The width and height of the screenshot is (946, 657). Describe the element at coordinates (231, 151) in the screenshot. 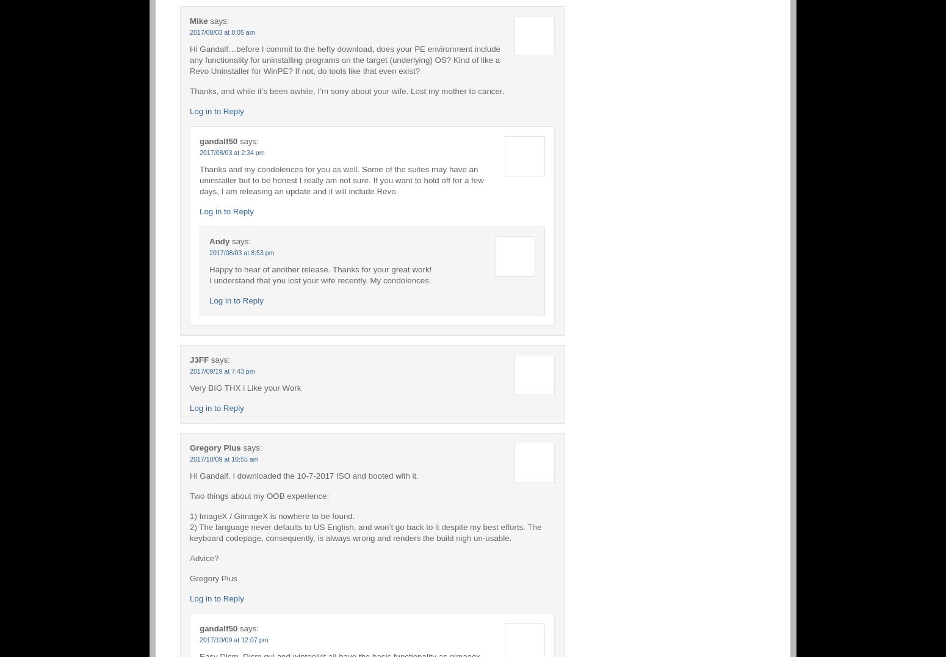

I see `'2017/08/03 at 2:34 pm'` at that location.